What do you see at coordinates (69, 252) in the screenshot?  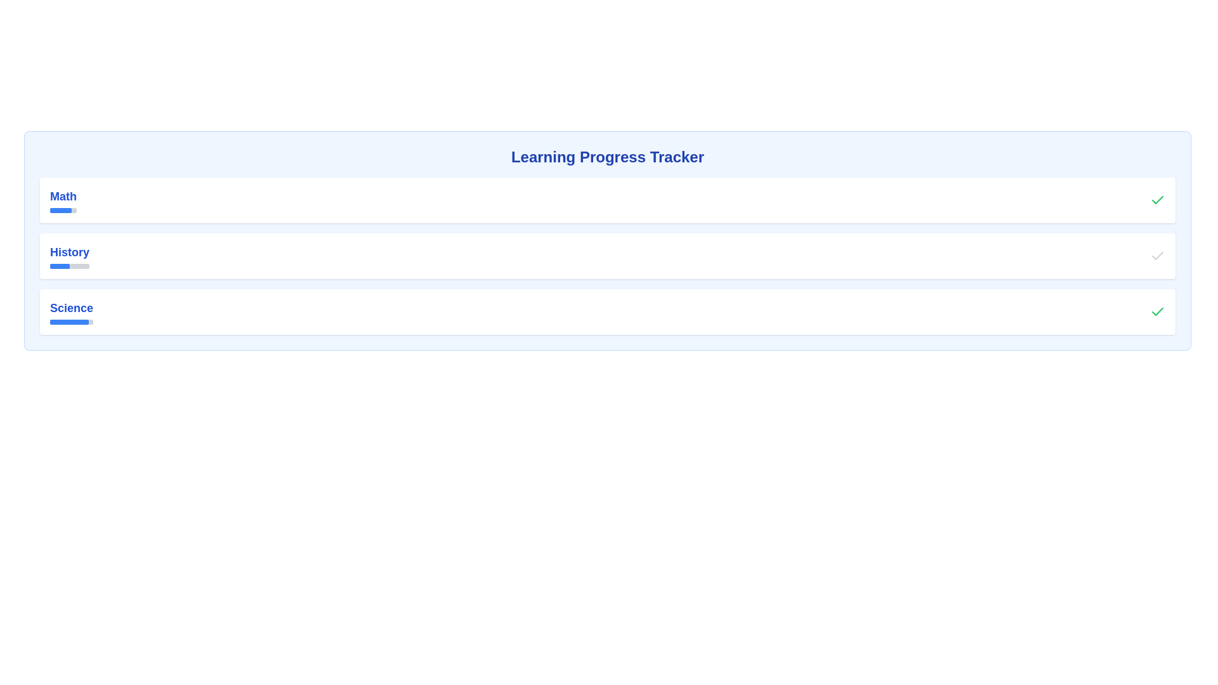 I see `the 'History' static text label which serves as the header for the History section of the learning tracker` at bounding box center [69, 252].